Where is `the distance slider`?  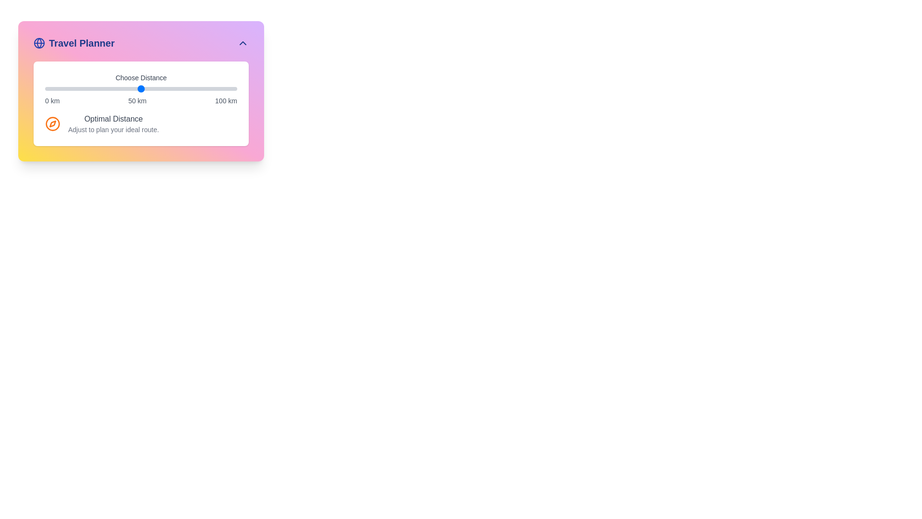 the distance slider is located at coordinates (154, 89).